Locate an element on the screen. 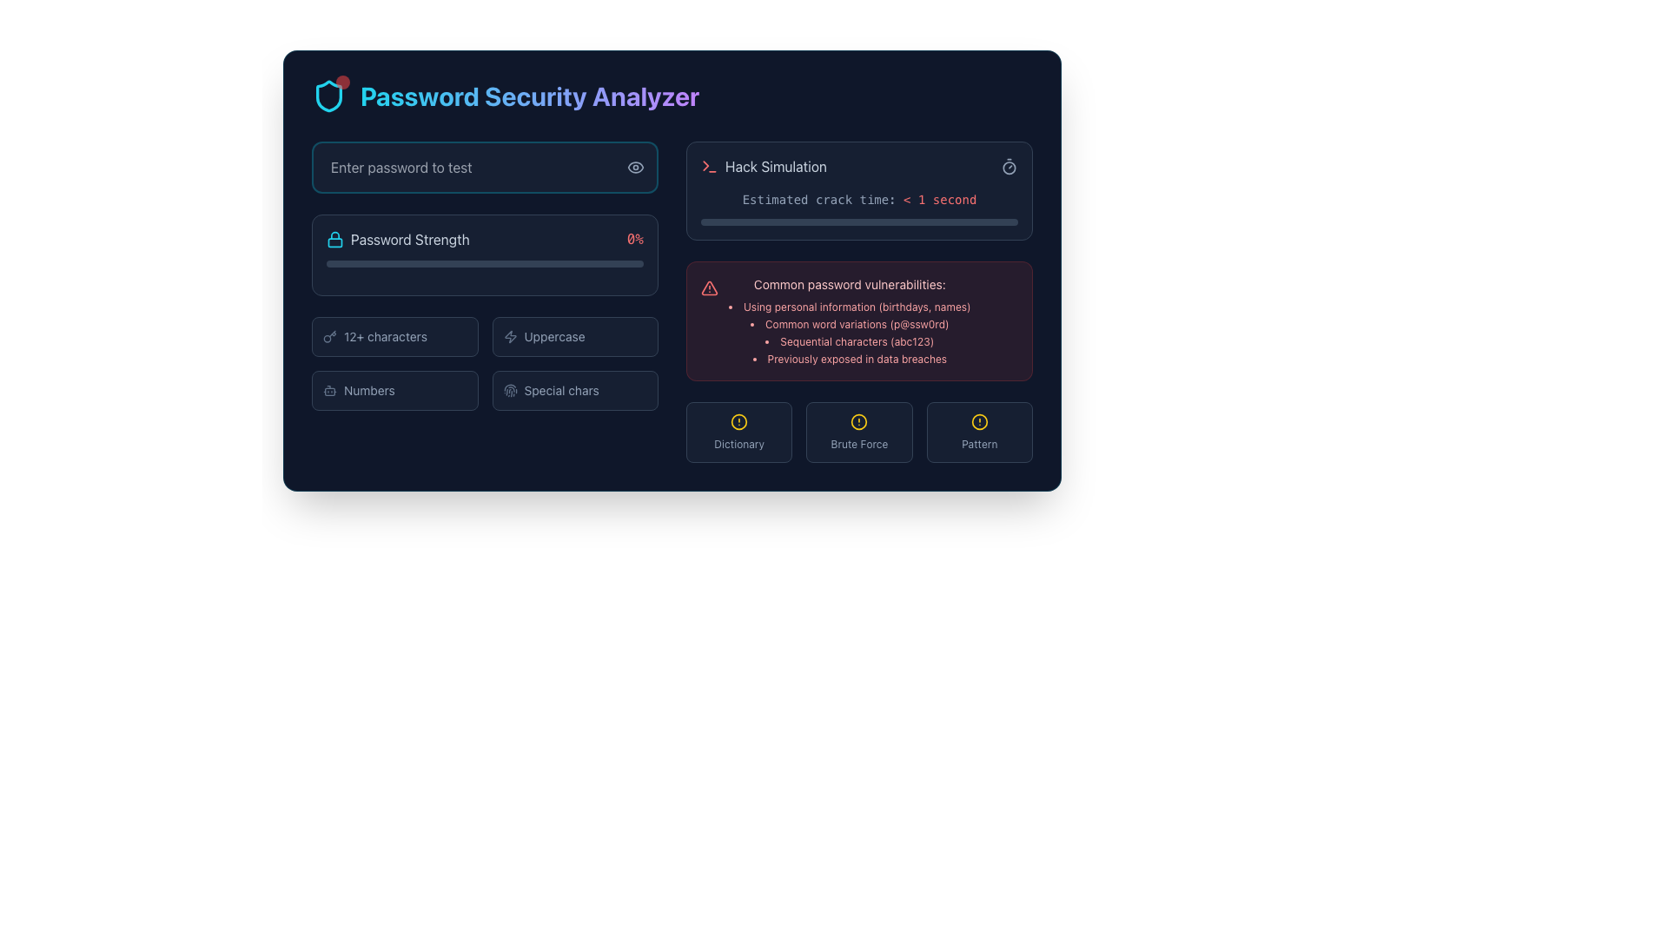 The width and height of the screenshot is (1668, 938). the label indicating the requirement for uppercase characters in the password strength checklist, which is the second item in the grid layout is located at coordinates (575, 337).